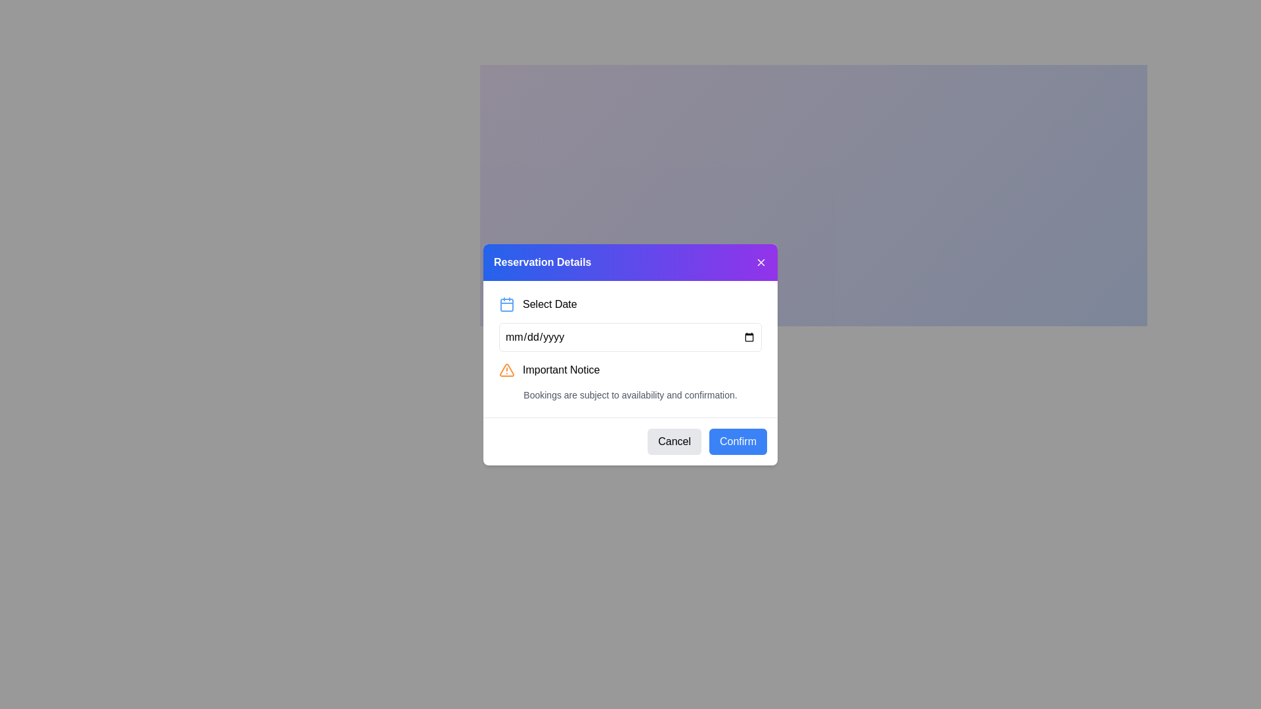 The width and height of the screenshot is (1261, 709). What do you see at coordinates (761, 261) in the screenshot?
I see `the close button located at the far-right end of the 'Reservation Details' section` at bounding box center [761, 261].